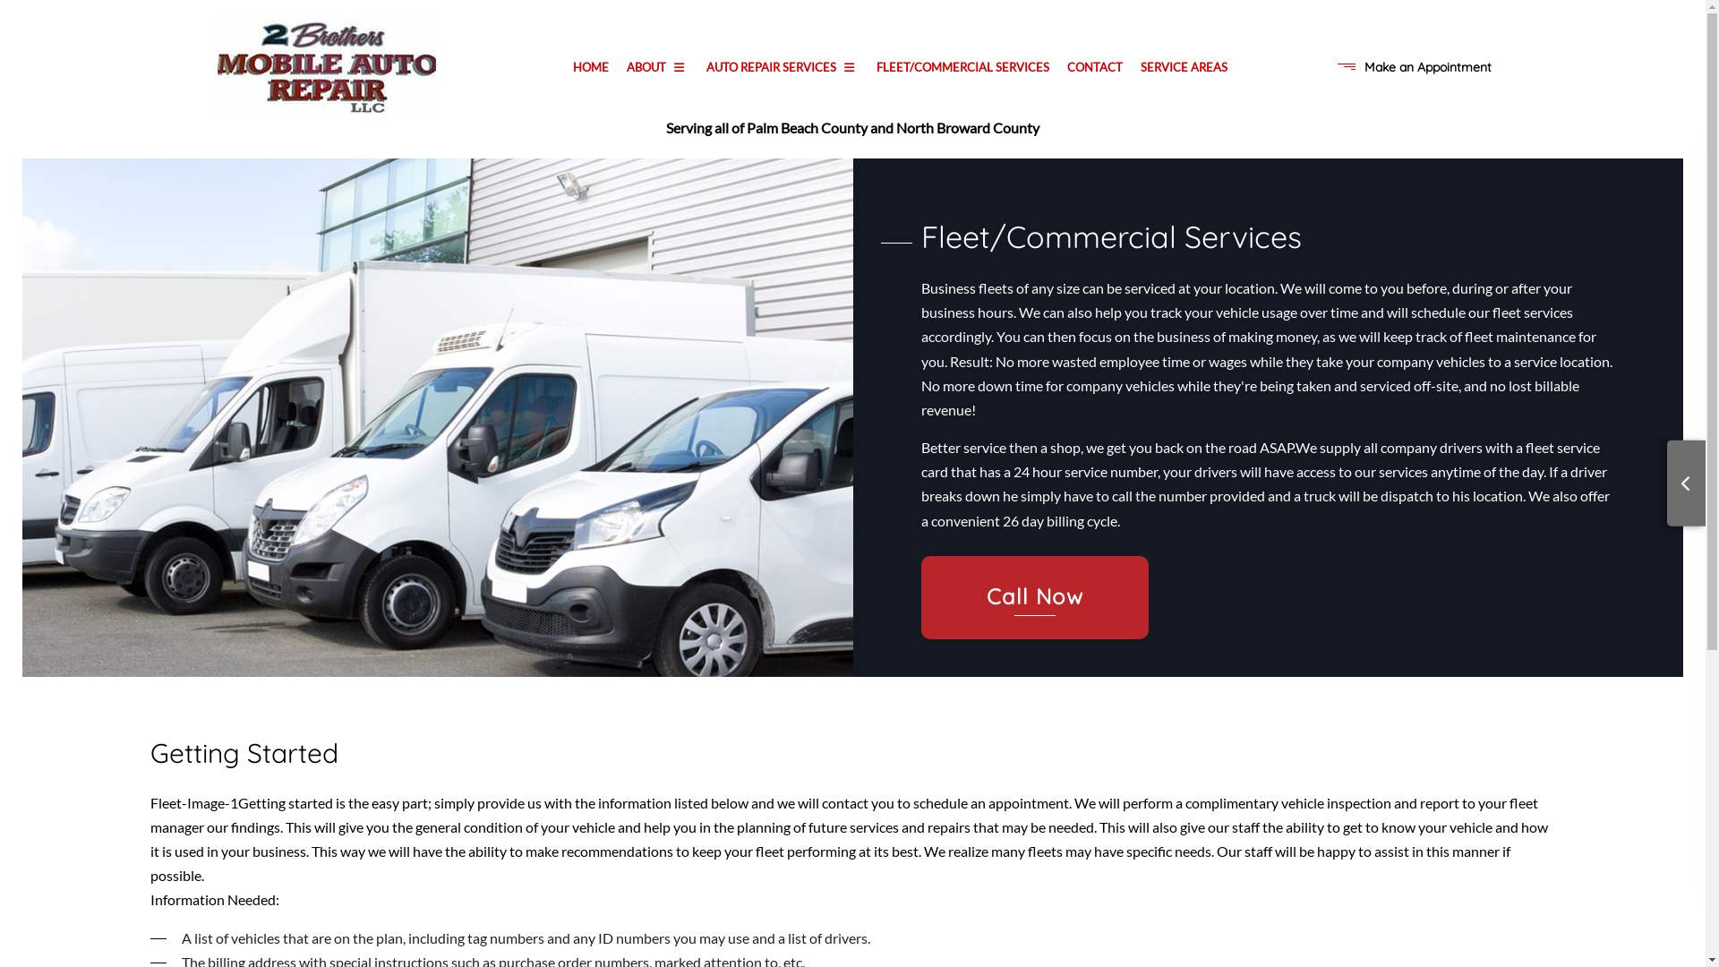 The image size is (1719, 967). I want to click on 'FLEET/COMMERCIAL SERVICES', so click(962, 66).